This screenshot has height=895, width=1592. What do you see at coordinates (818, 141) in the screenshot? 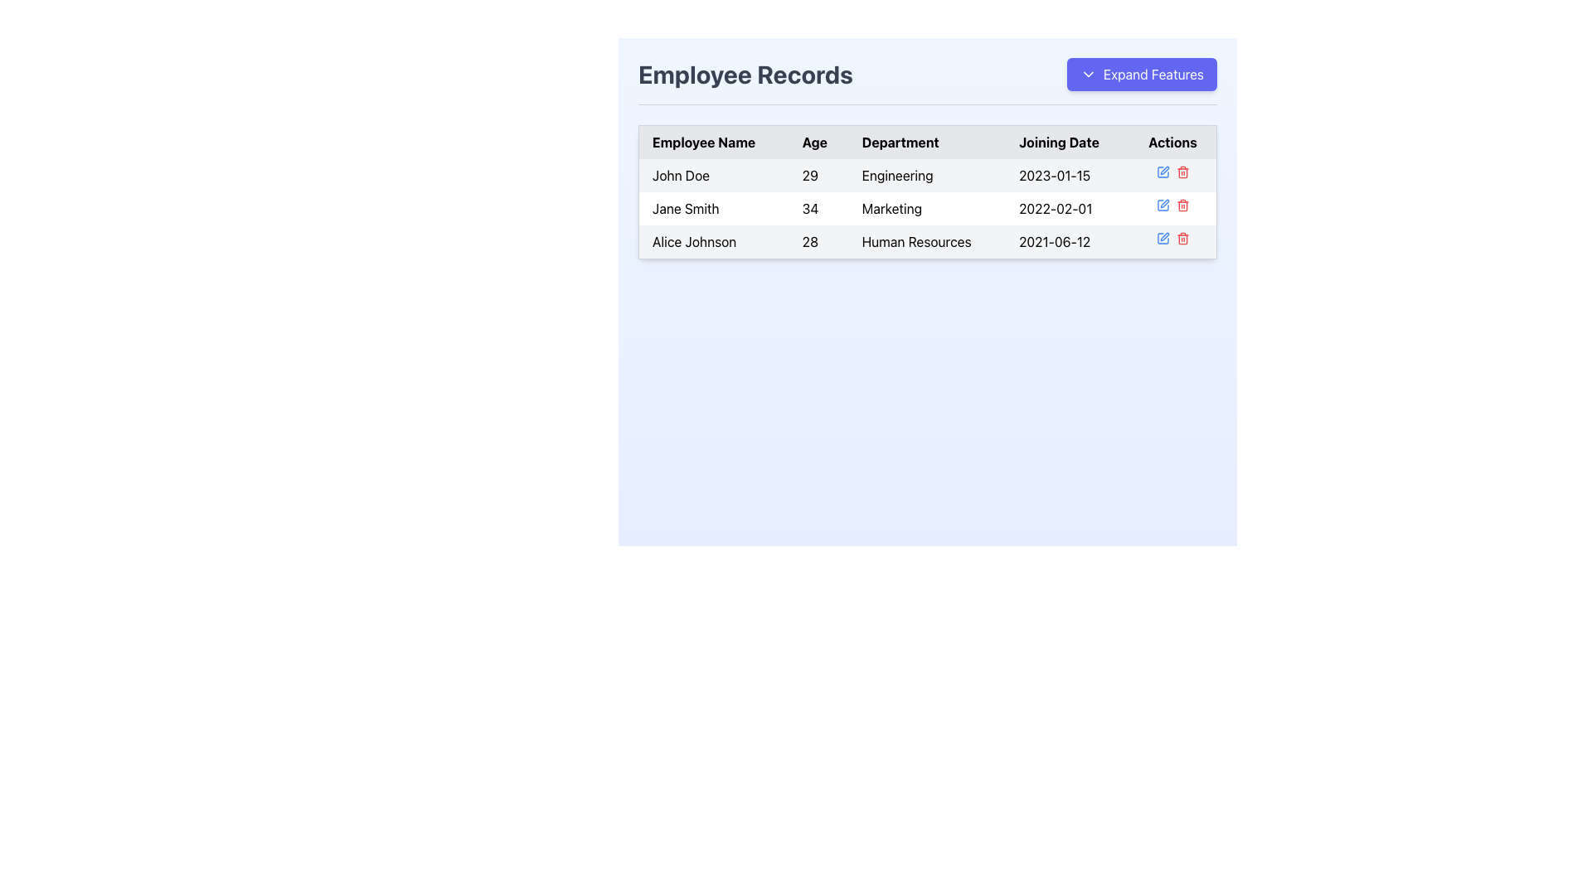
I see `the 'Age' label, which is a bold, centrally aligned text in the second column header of the table, positioned between 'Employee Name' and 'Department'` at bounding box center [818, 141].